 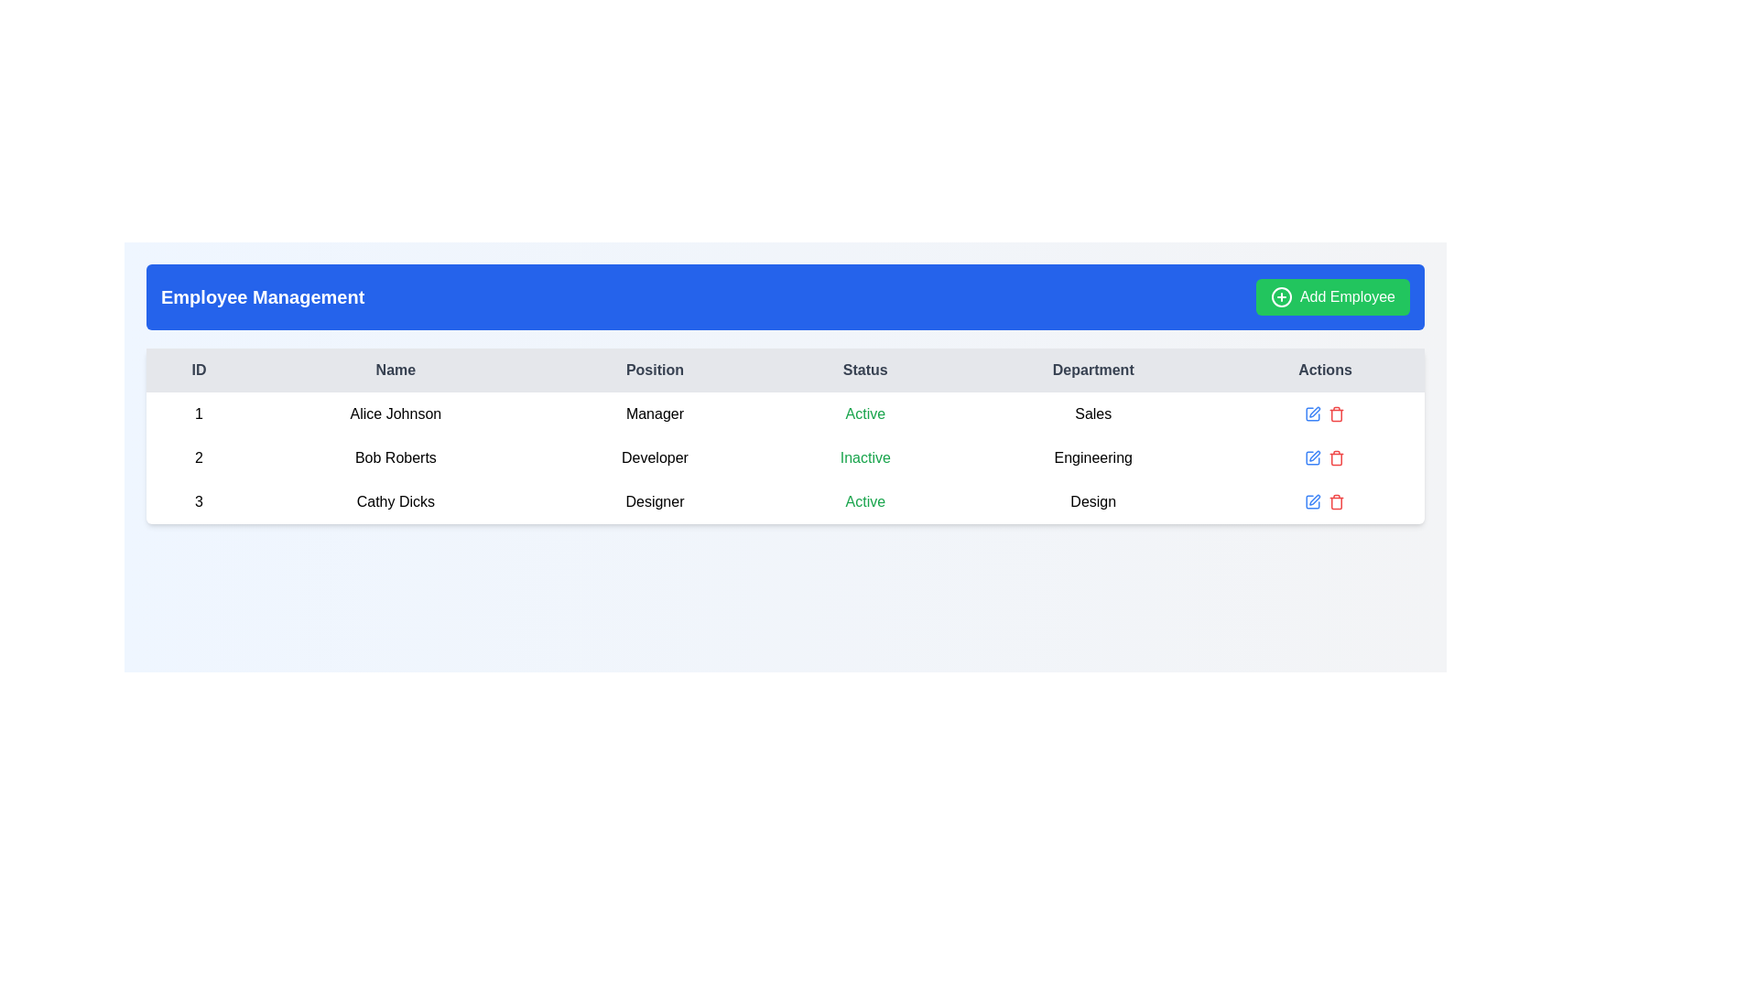 I want to click on the delete button in the 'Actions' column of the third row for the employee named Cathy Dicks, so click(x=1337, y=413).